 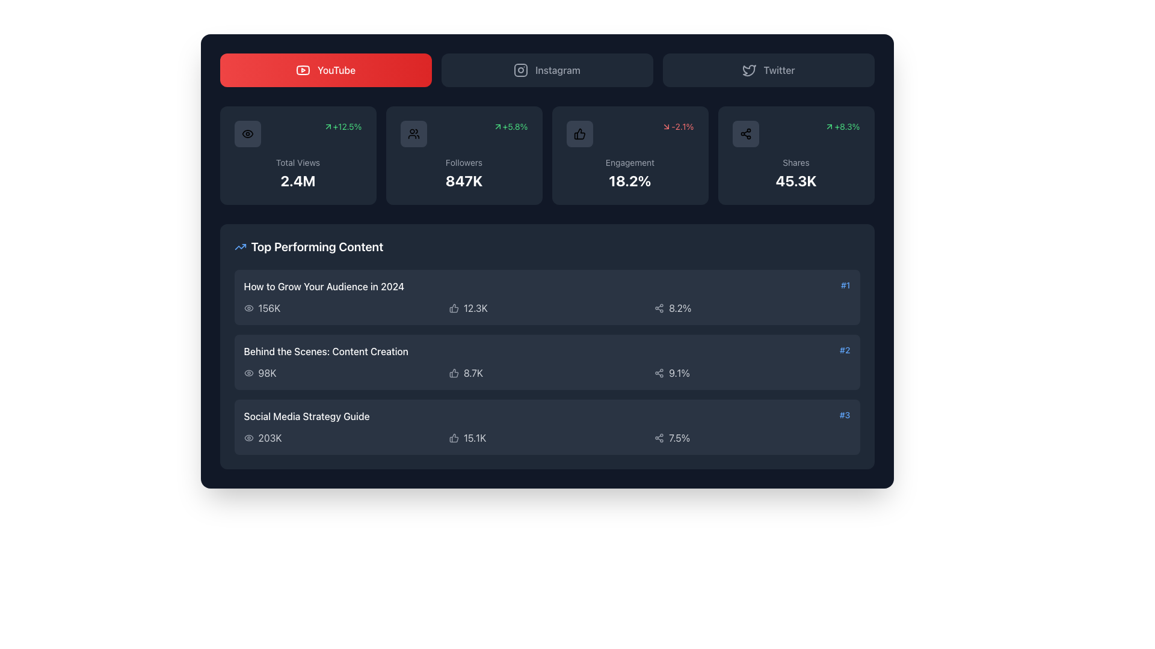 What do you see at coordinates (266, 373) in the screenshot?
I see `the numerical value (98K) indicating a count related` at bounding box center [266, 373].